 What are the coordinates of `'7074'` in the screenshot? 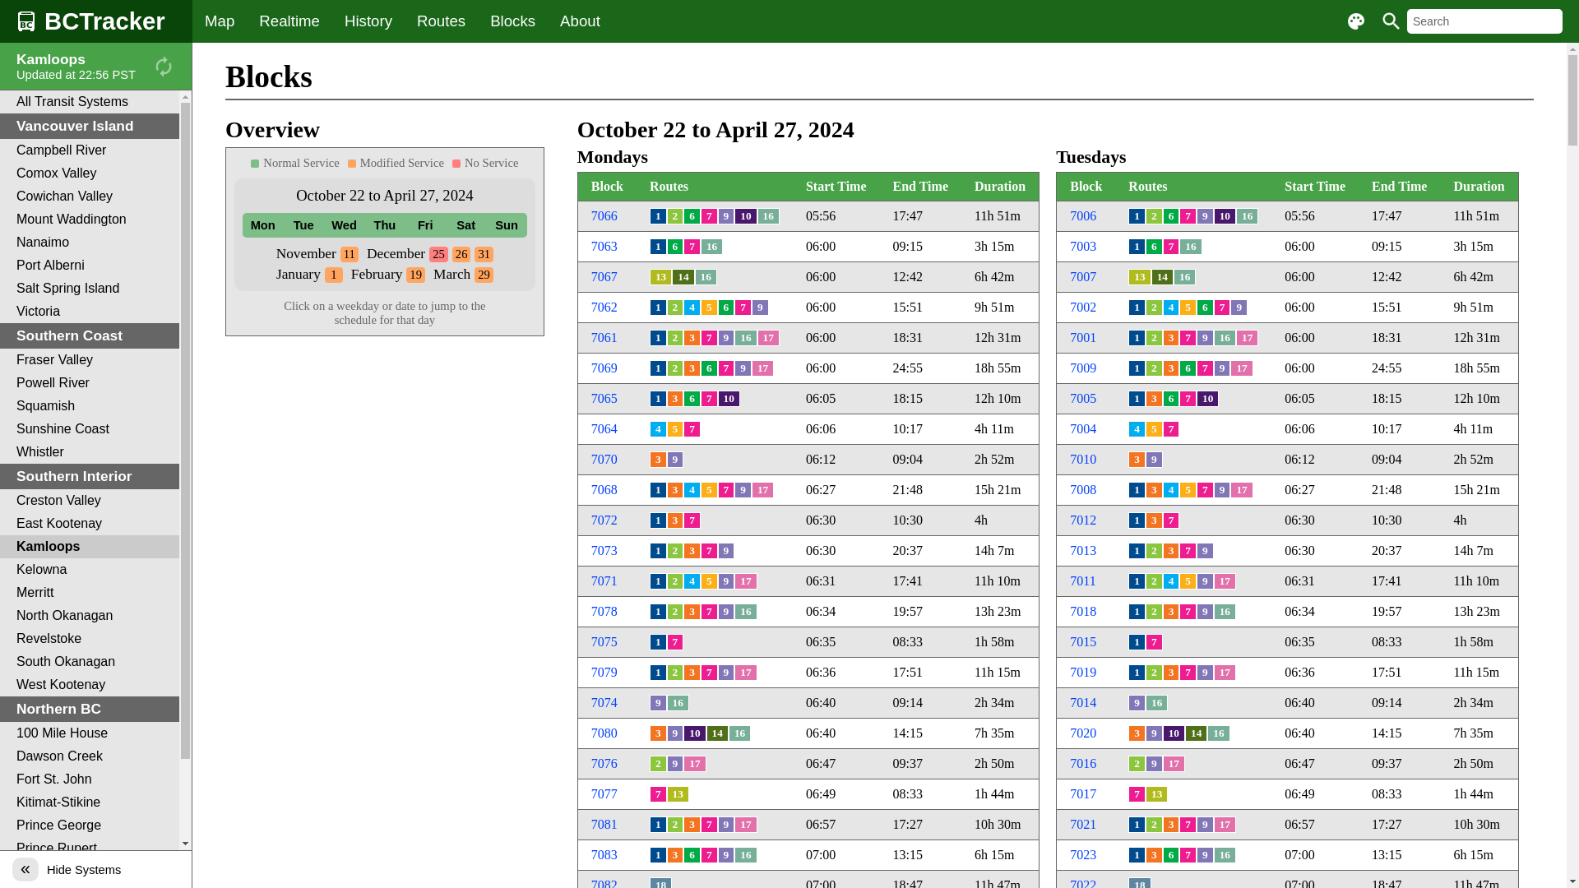 It's located at (603, 702).